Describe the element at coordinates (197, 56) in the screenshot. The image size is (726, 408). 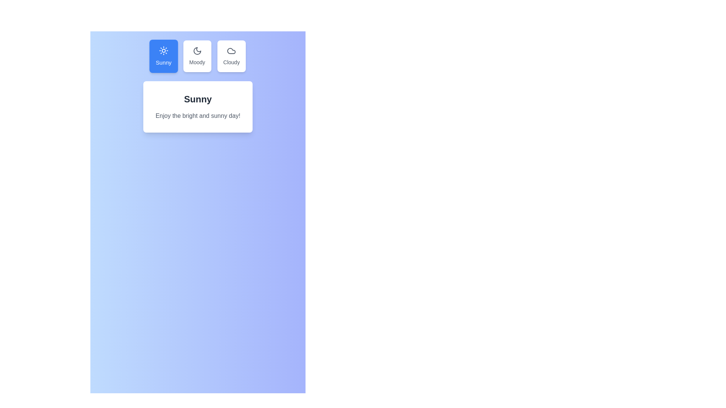
I see `the Moody tab in the WeatherTabs component` at that location.